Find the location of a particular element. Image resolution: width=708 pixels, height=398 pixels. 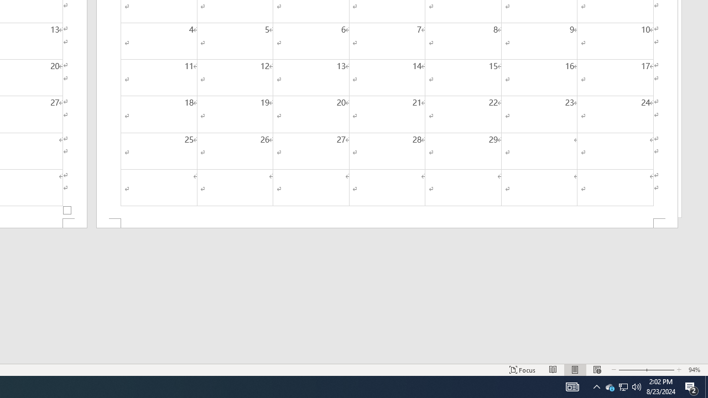

'Zoom Out' is located at coordinates (631, 370).